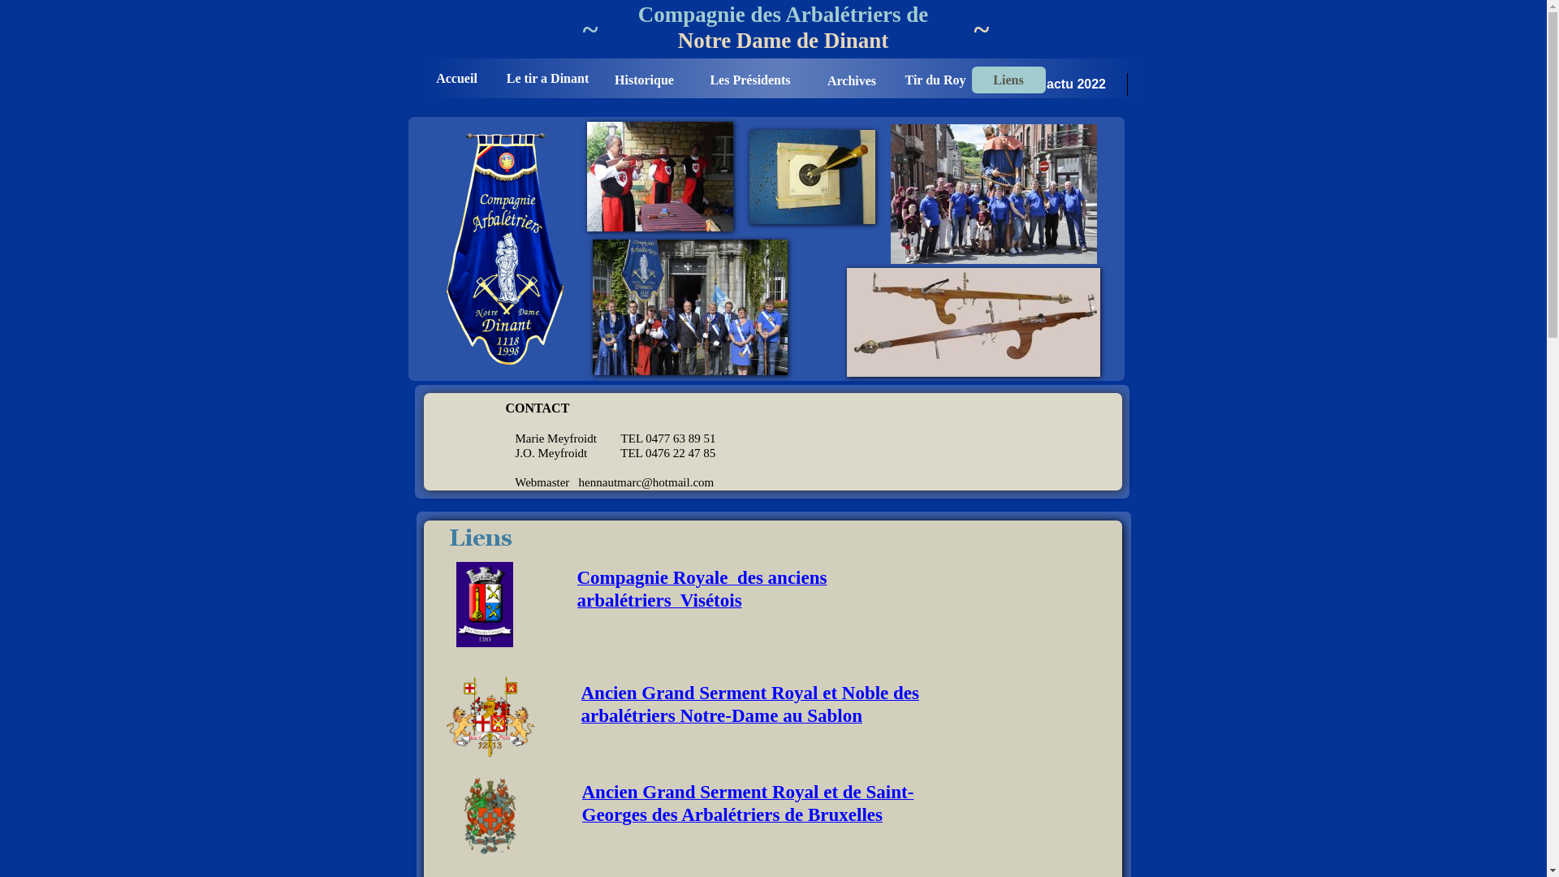  What do you see at coordinates (935, 80) in the screenshot?
I see `'Tir du Roy'` at bounding box center [935, 80].